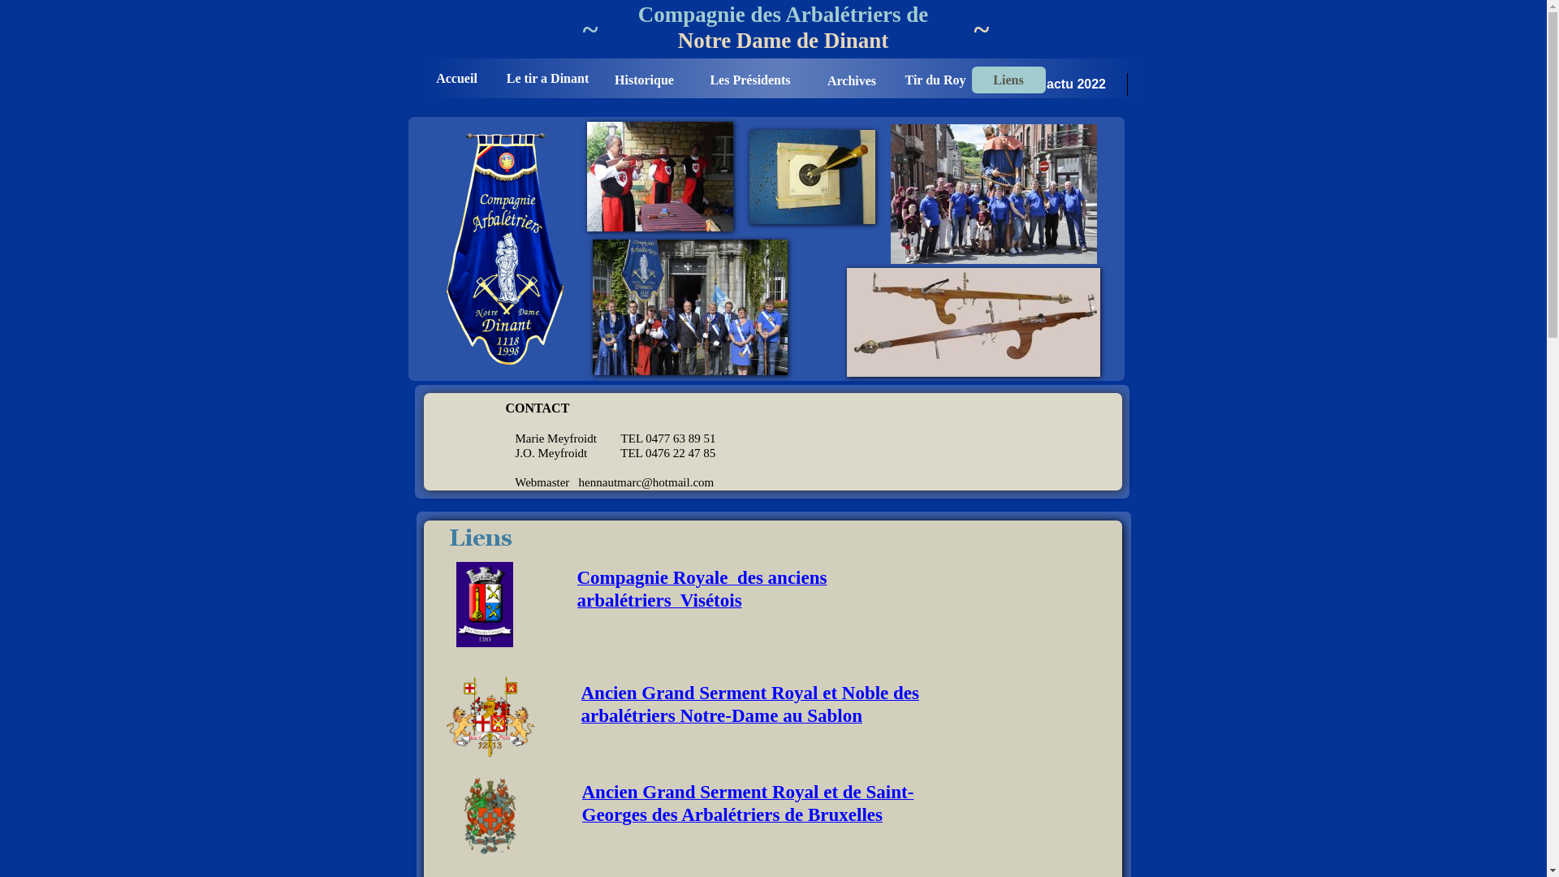  What do you see at coordinates (935, 80) in the screenshot?
I see `'Tir du Roy'` at bounding box center [935, 80].